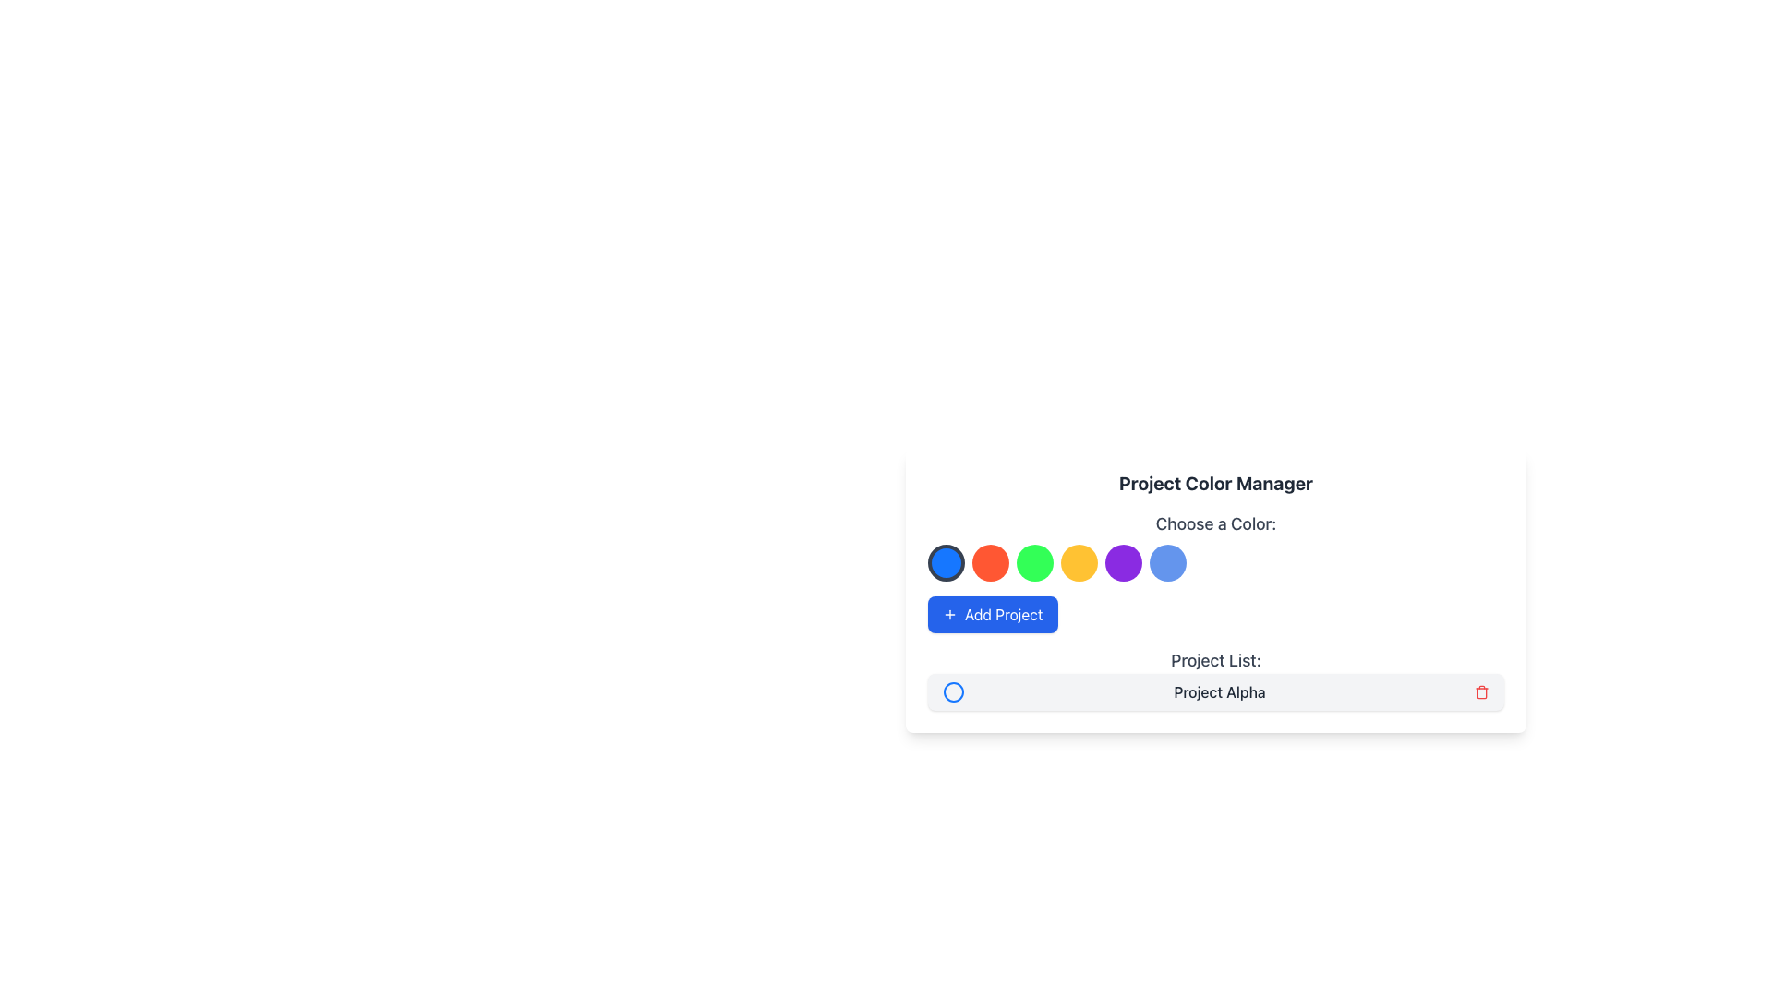  What do you see at coordinates (953, 691) in the screenshot?
I see `the small blue outlined circle icon located within the SVG graphic before the text 'Project Alpha' in the 'Project List' section` at bounding box center [953, 691].